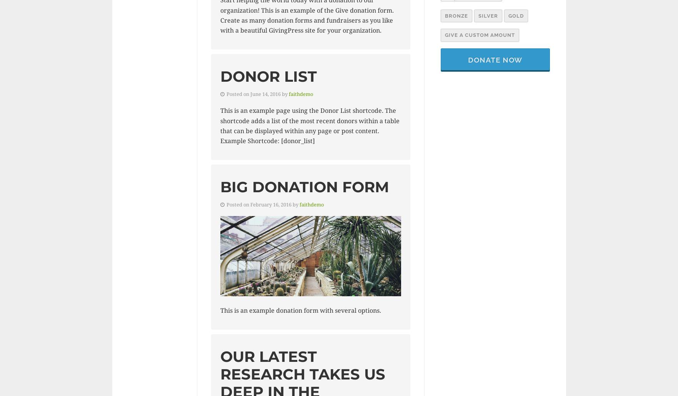  I want to click on 'Gold', so click(515, 15).